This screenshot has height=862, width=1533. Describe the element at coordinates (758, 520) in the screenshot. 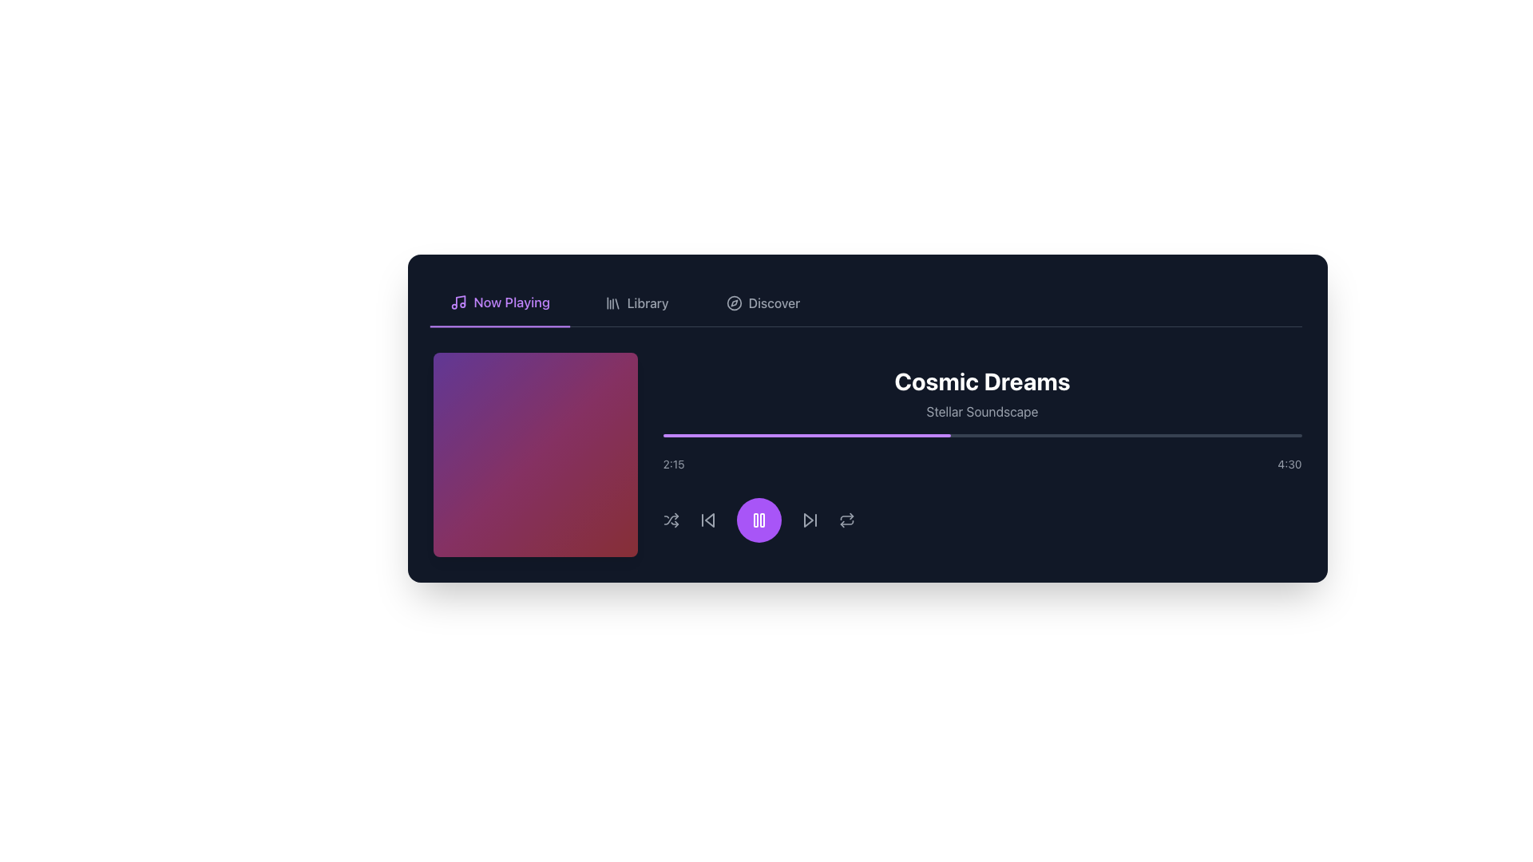

I see `the circular button with a purple background and white pause icon at the bottom center of the music player panel to play or pause the music` at that location.